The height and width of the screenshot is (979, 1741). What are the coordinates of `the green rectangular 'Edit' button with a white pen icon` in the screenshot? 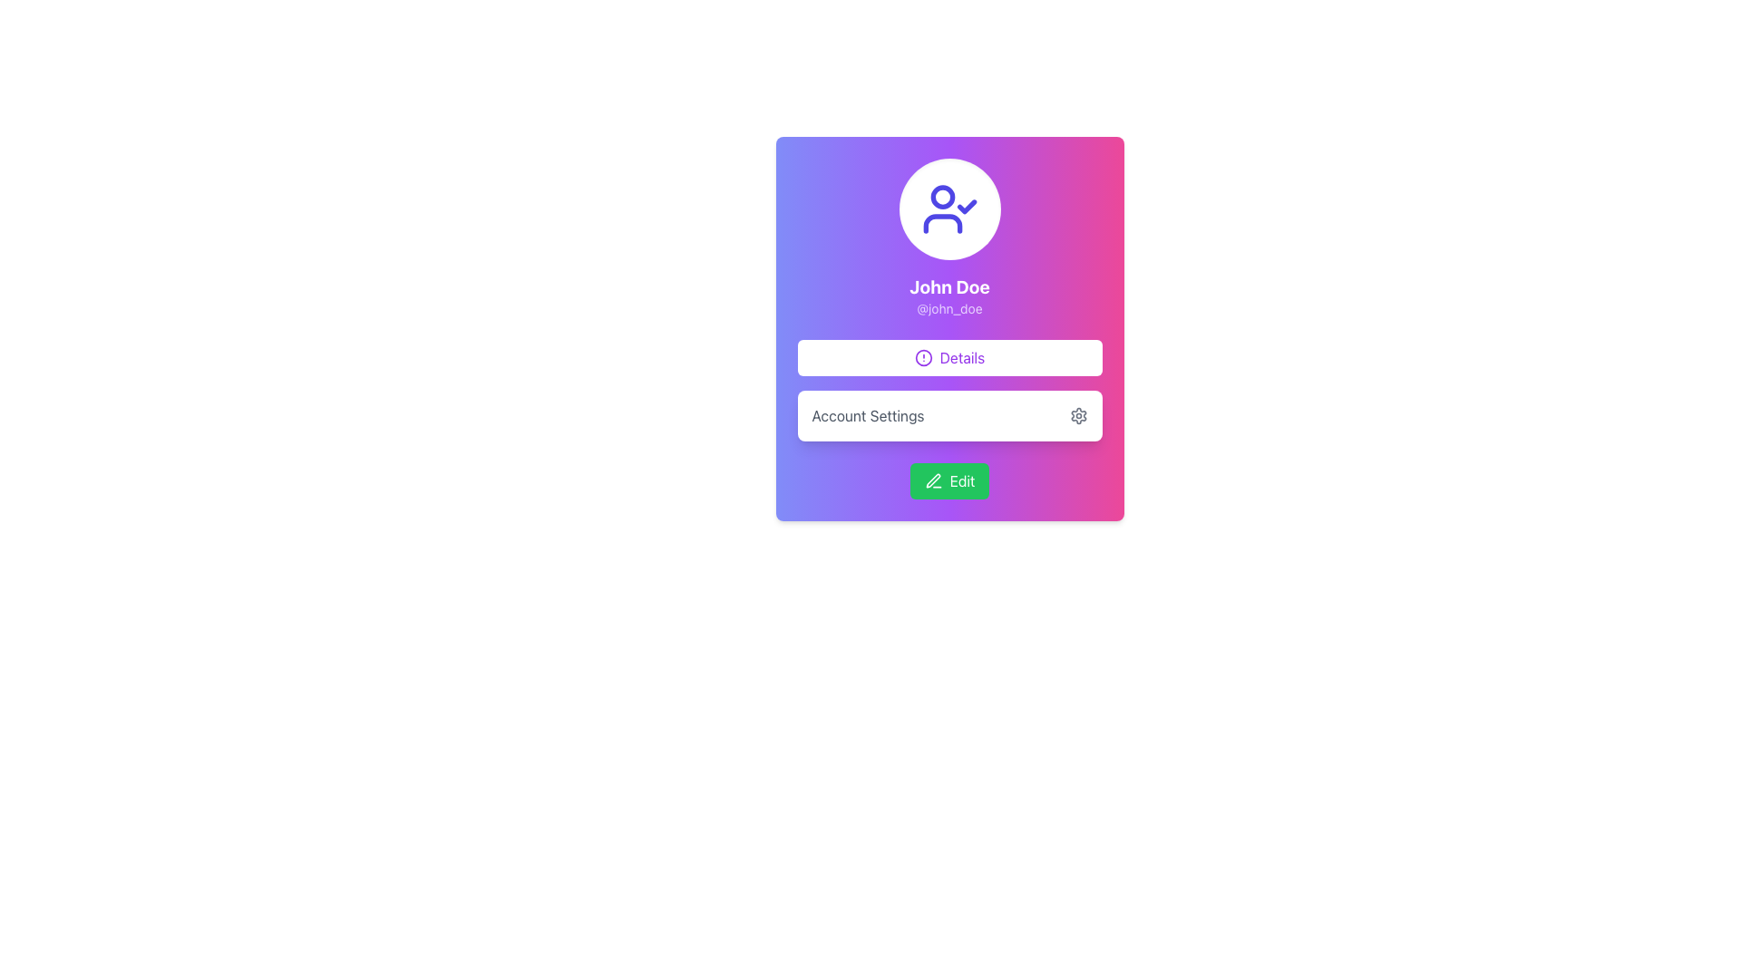 It's located at (948, 480).